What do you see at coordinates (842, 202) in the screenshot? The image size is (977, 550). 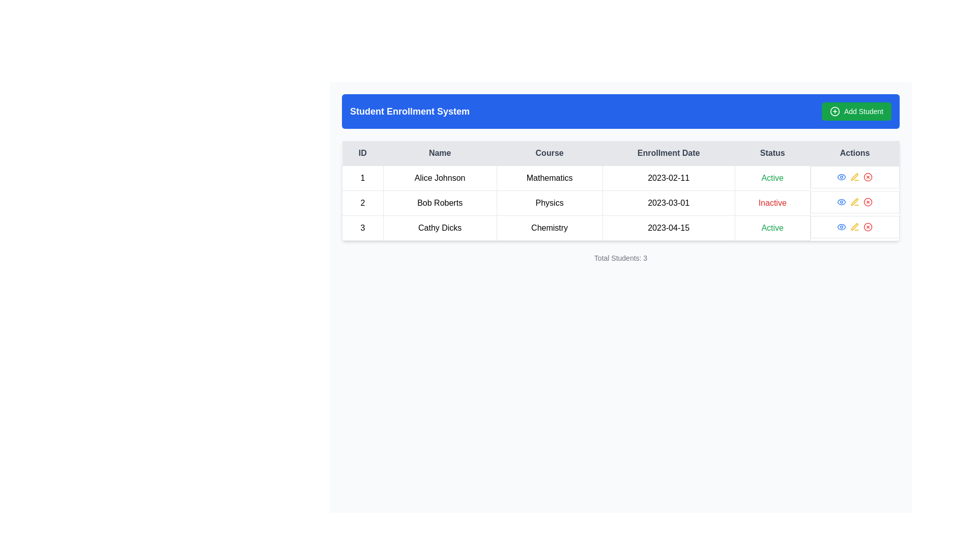 I see `the Icon Button located in the 'Actions' column of the second row of the table` at bounding box center [842, 202].